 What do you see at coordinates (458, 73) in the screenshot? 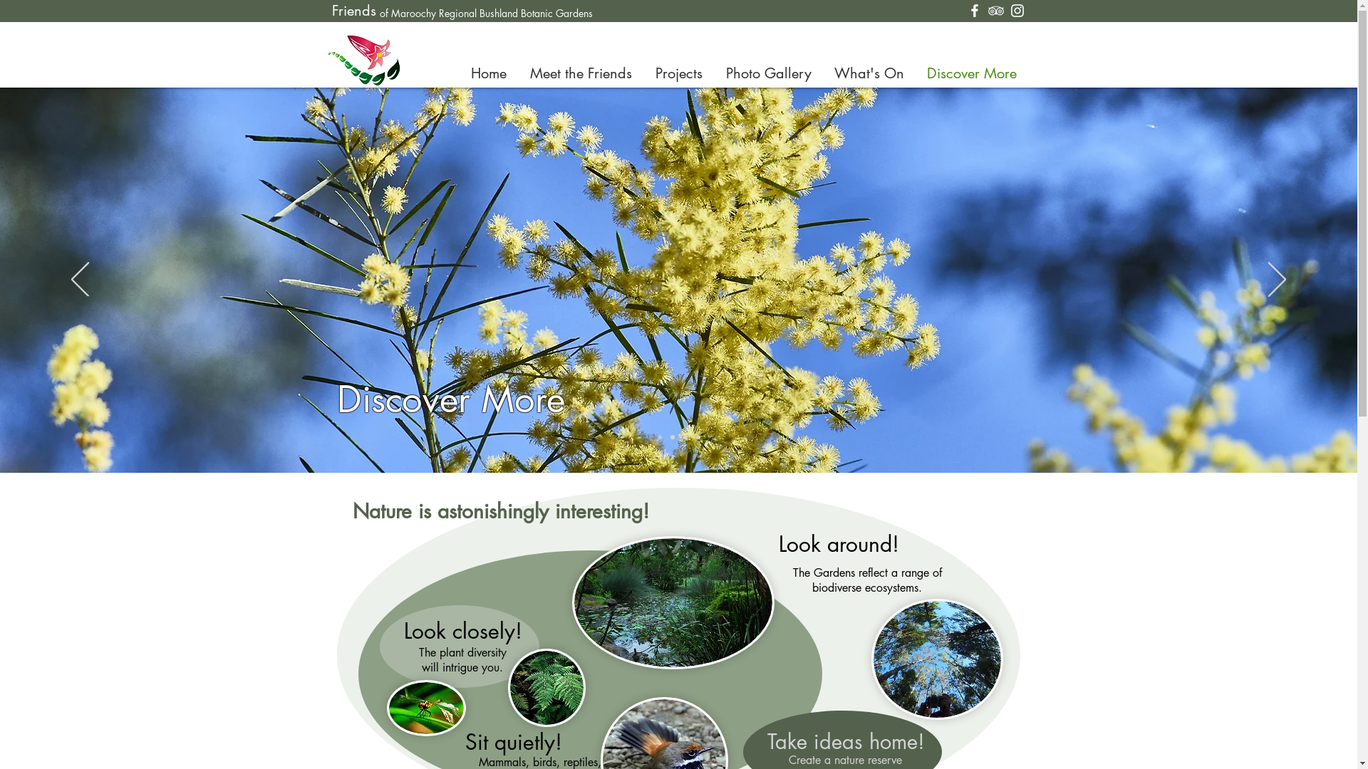
I see `'Home'` at bounding box center [458, 73].